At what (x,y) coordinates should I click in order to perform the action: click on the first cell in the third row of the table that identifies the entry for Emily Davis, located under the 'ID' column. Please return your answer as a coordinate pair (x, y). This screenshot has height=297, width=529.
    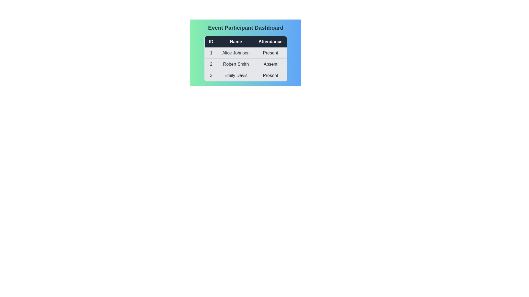
    Looking at the image, I should click on (211, 75).